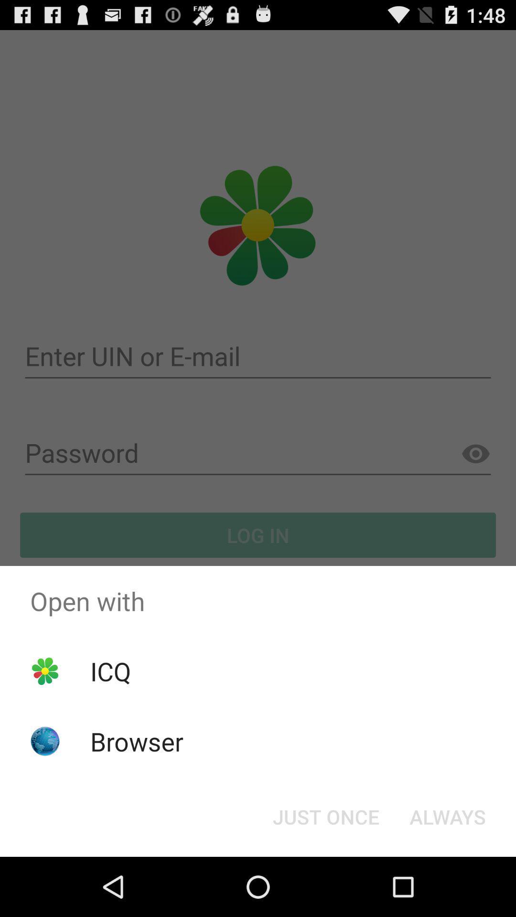 The image size is (516, 917). Describe the element at coordinates (448, 816) in the screenshot. I see `always button` at that location.